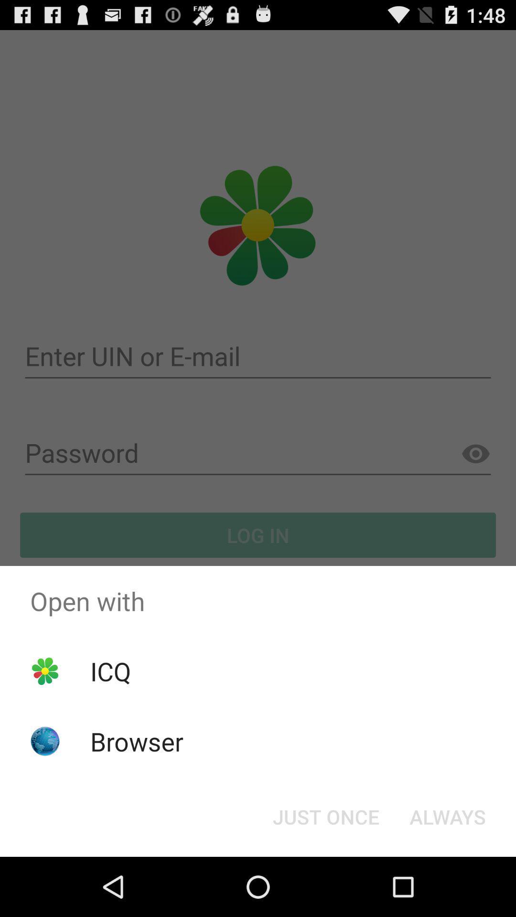 The image size is (516, 917). Describe the element at coordinates (448, 816) in the screenshot. I see `always button` at that location.